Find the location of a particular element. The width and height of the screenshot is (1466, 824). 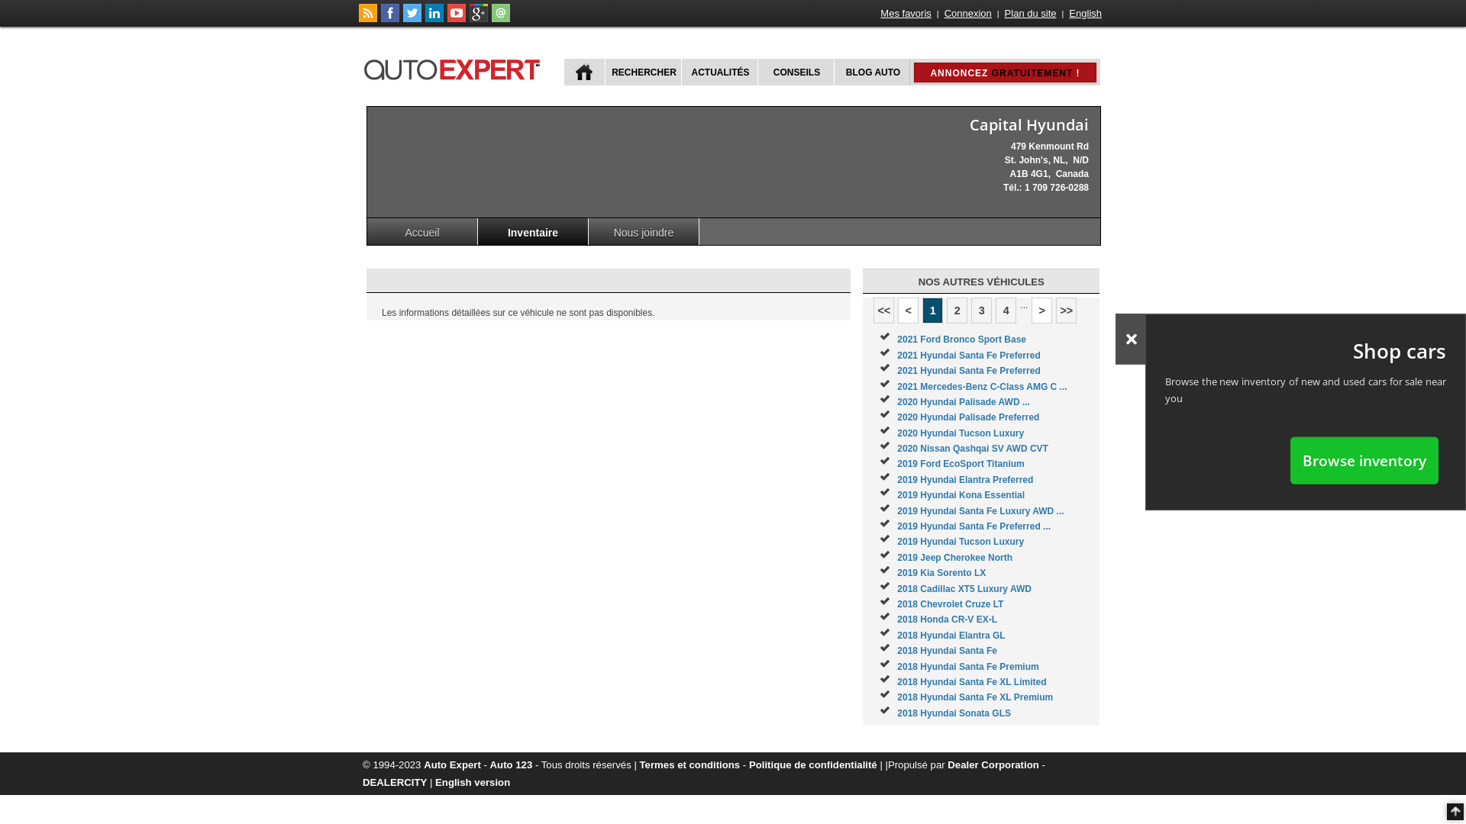

'2' is located at coordinates (956, 310).